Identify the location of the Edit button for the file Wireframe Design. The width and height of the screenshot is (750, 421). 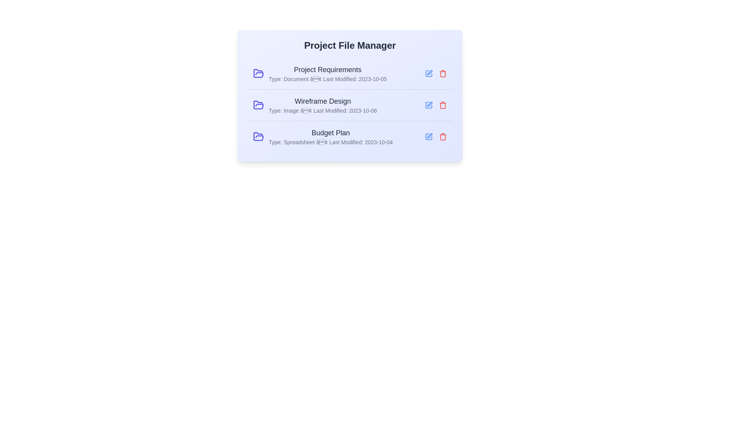
(429, 105).